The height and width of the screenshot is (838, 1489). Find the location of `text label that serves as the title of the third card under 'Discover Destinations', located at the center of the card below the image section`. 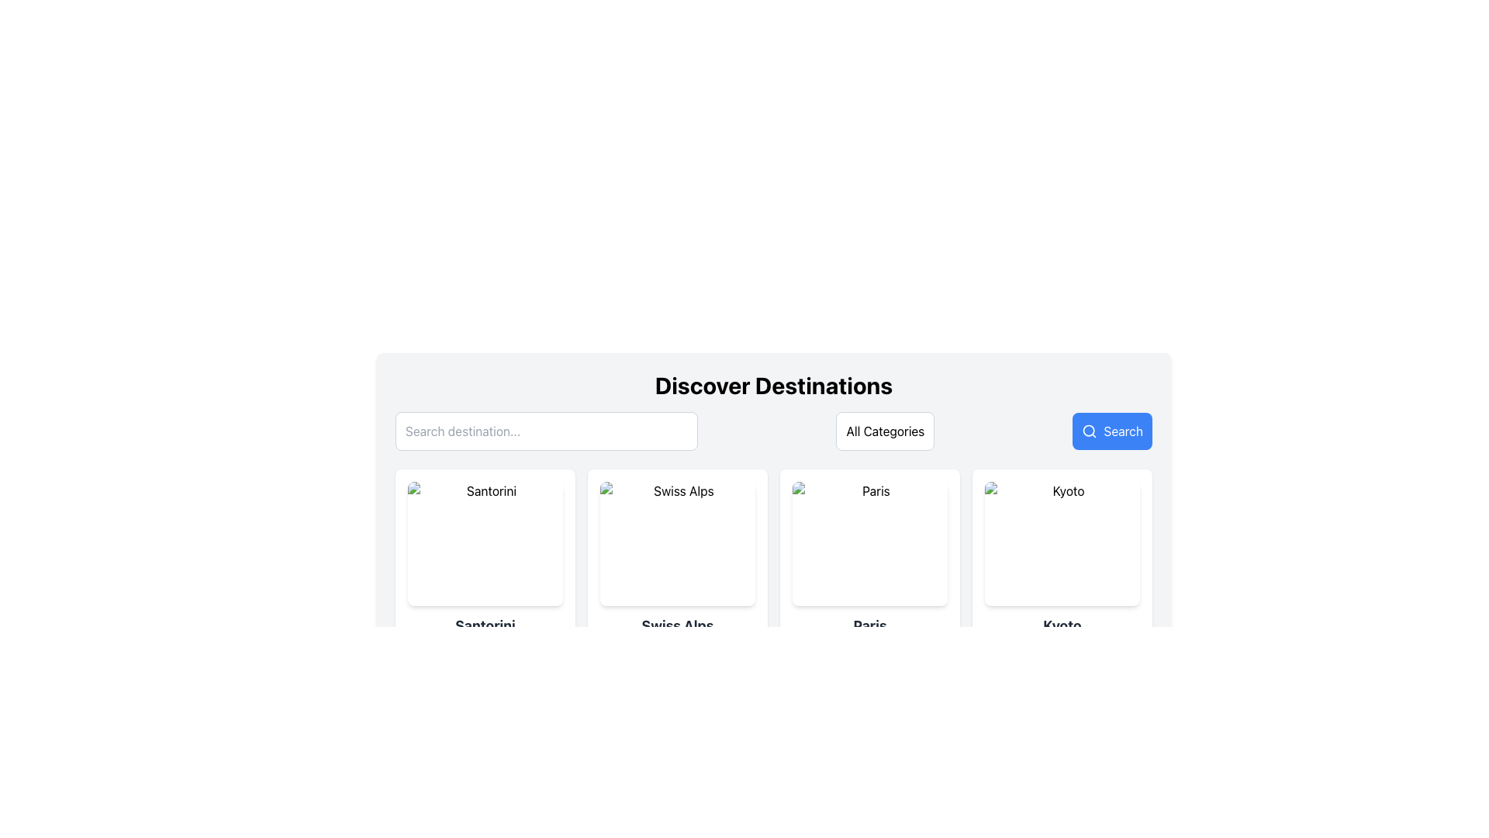

text label that serves as the title of the third card under 'Discover Destinations', located at the center of the card below the image section is located at coordinates (870, 625).